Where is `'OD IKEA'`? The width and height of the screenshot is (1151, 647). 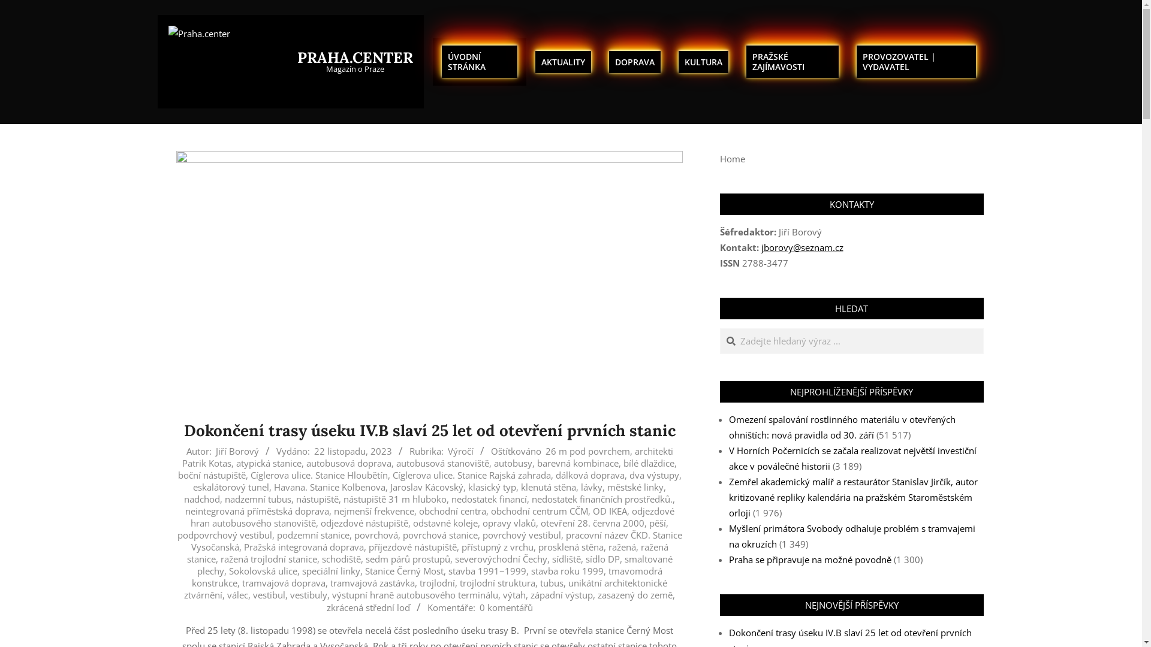
'OD IKEA' is located at coordinates (592, 510).